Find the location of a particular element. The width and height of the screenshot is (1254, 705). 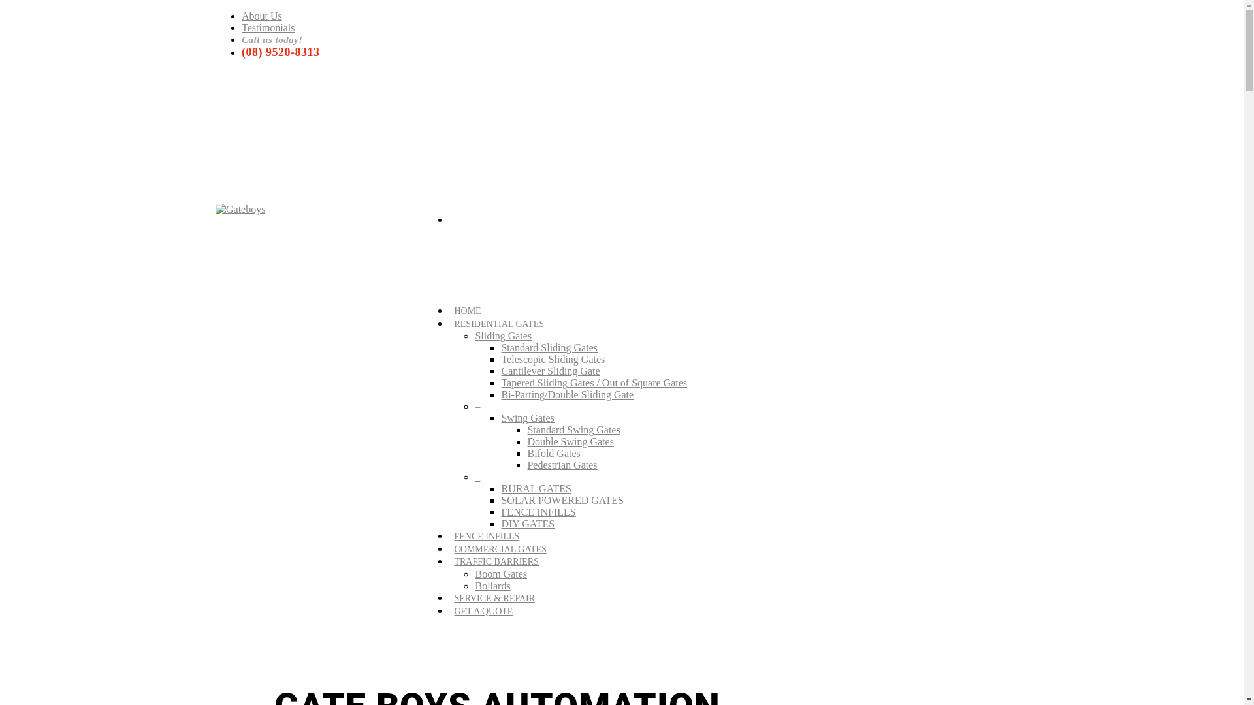

'Boom Gates' is located at coordinates (500, 573).